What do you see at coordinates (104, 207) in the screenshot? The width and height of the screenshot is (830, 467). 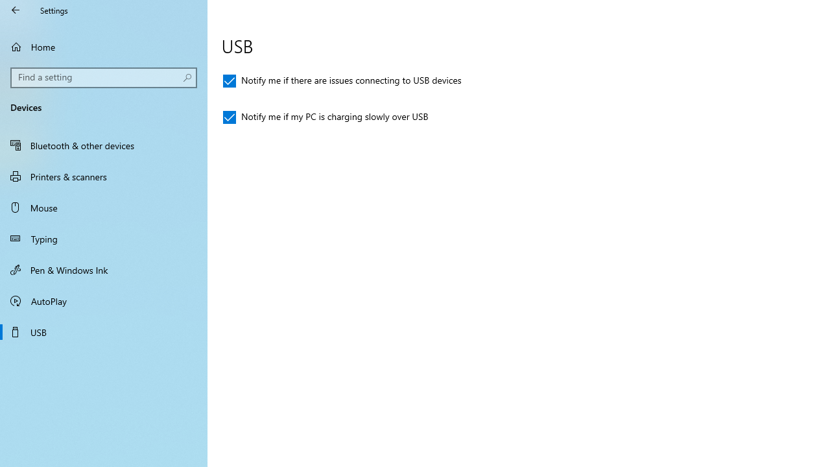 I see `'Mouse'` at bounding box center [104, 207].